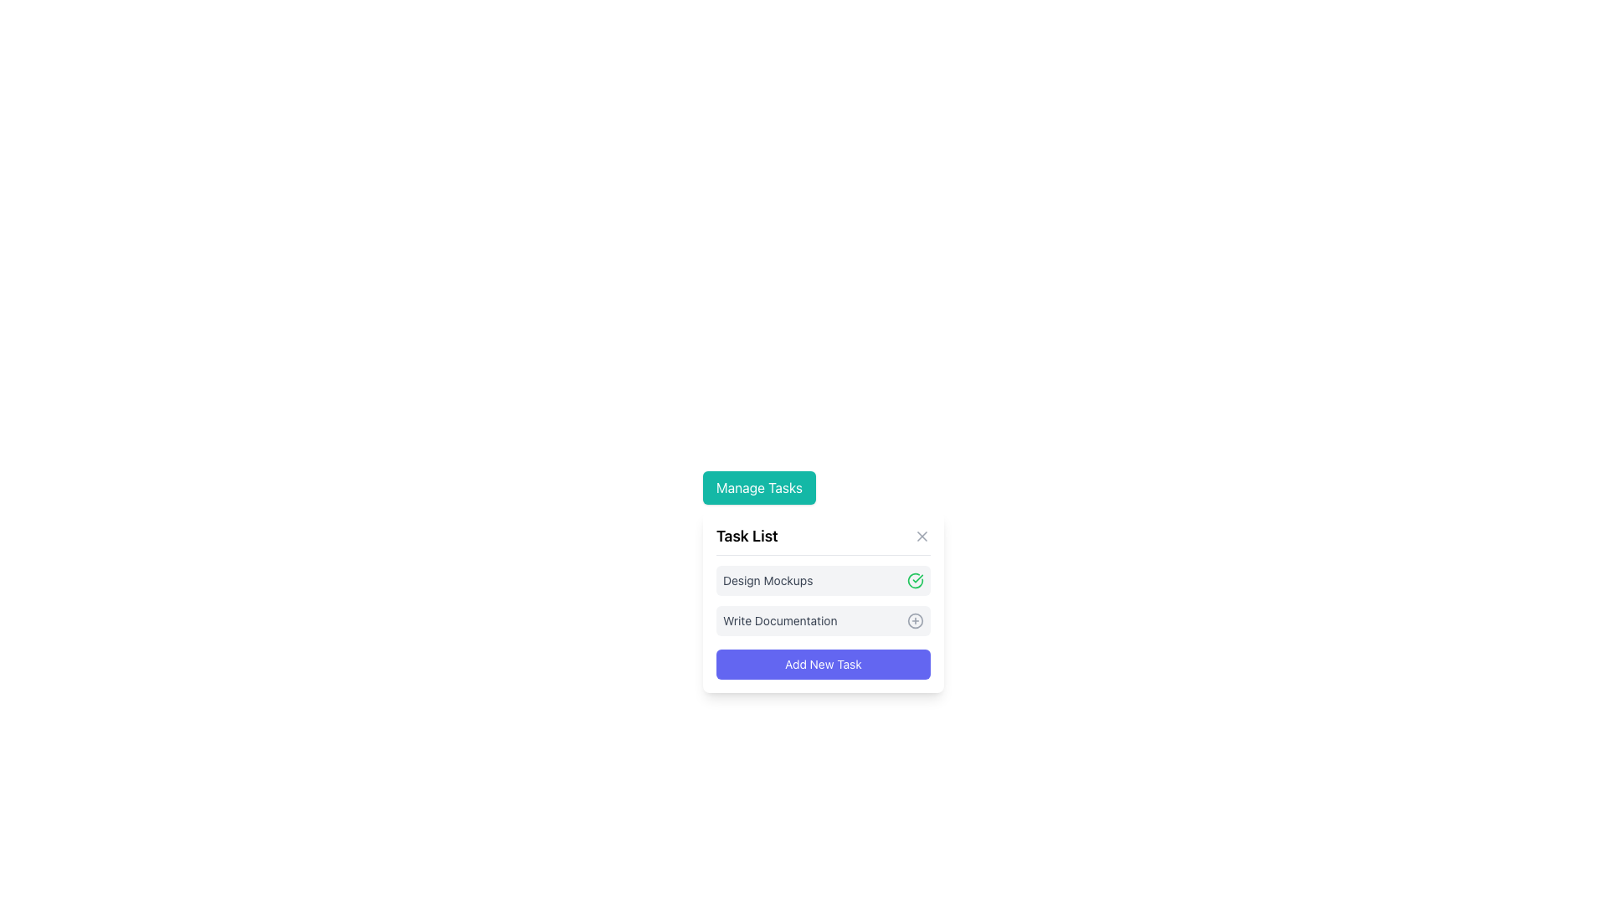  What do you see at coordinates (915, 580) in the screenshot?
I see `the green outlined circular icon with a checkmark inside, located within the 'Design Mockups' section, to the right of the text 'Design Mockups'` at bounding box center [915, 580].